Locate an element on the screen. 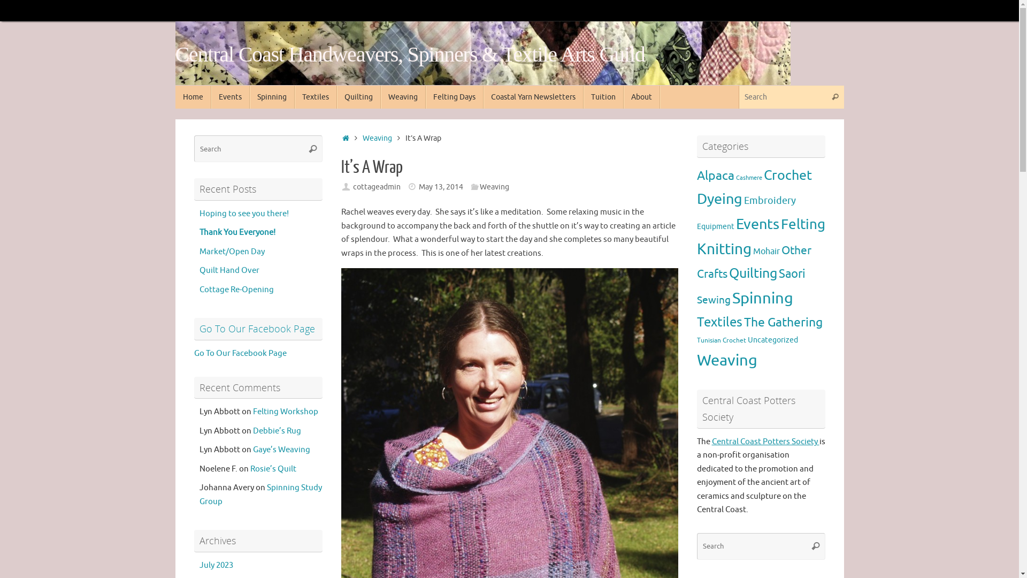  'Cashmere' is located at coordinates (748, 177).